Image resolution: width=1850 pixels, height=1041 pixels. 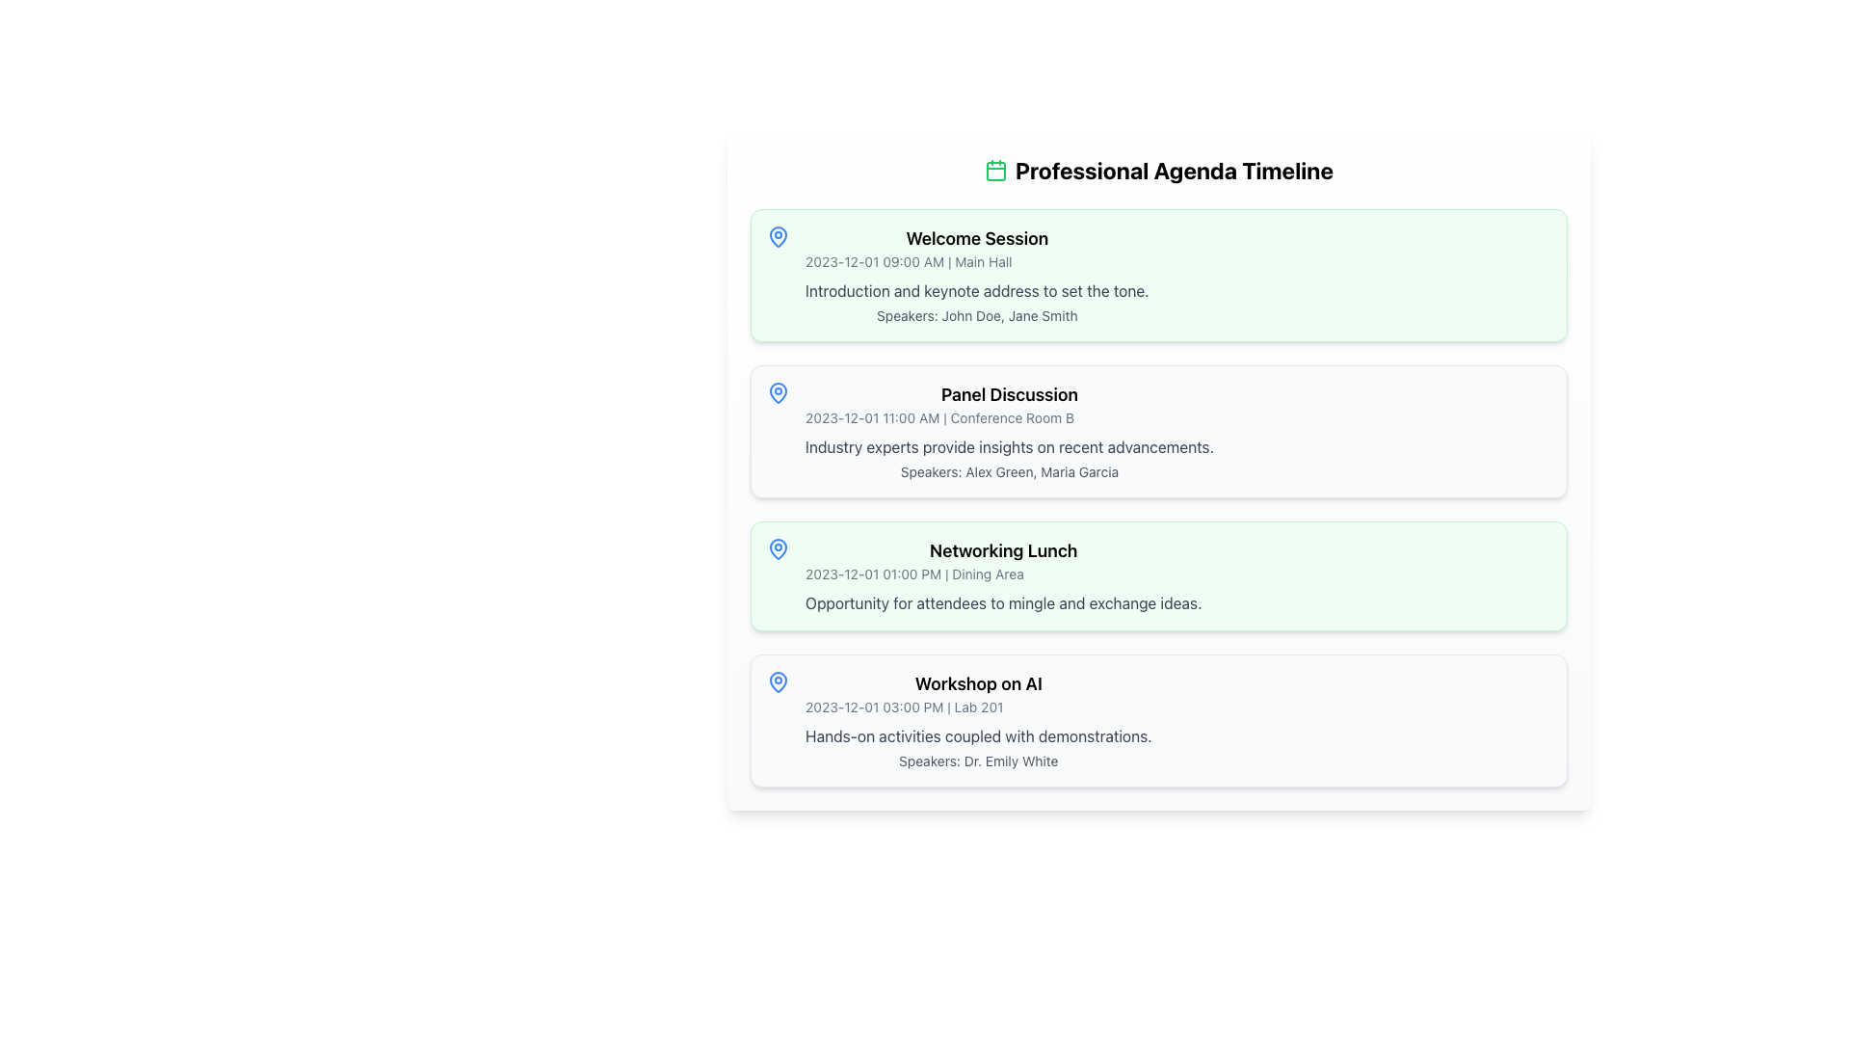 What do you see at coordinates (977, 290) in the screenshot?
I see `the Text Display containing the text 'Introduction and keynote address to set the tone.' which is located below the title 'Welcome Session' and above 'Speakers: John Doe, Jane Smith'` at bounding box center [977, 290].